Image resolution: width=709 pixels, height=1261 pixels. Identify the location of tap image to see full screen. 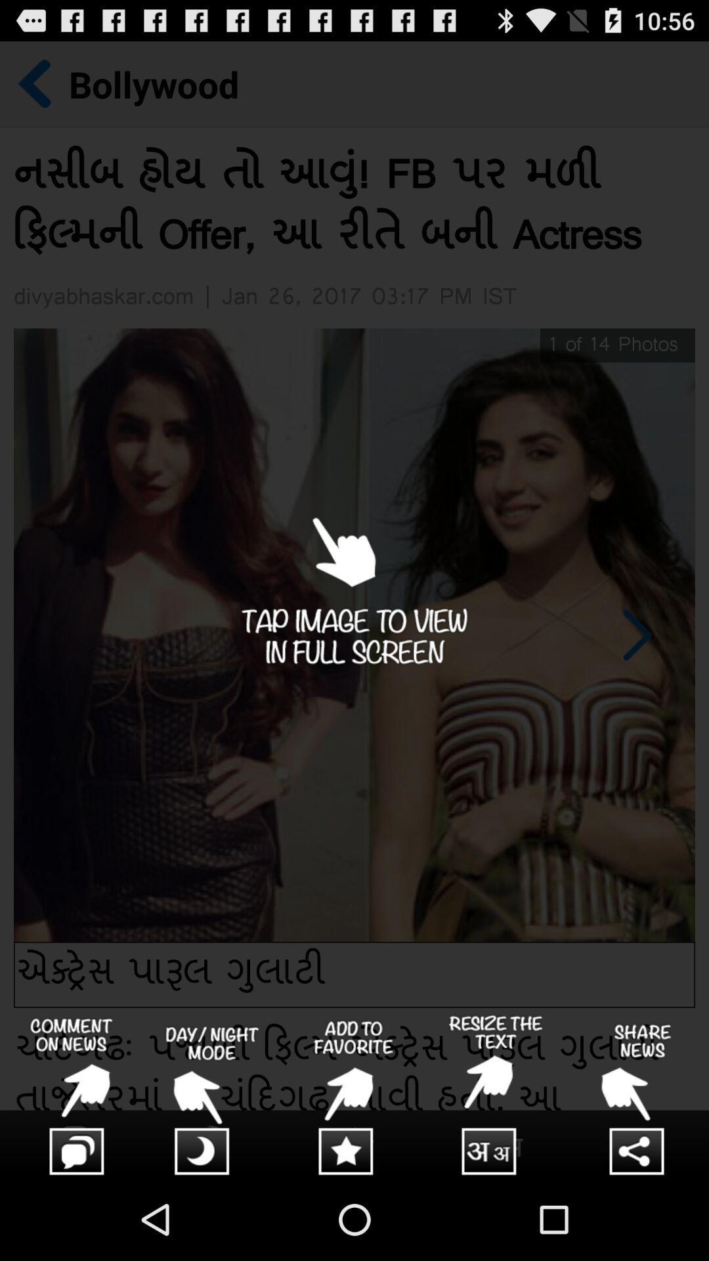
(354, 609).